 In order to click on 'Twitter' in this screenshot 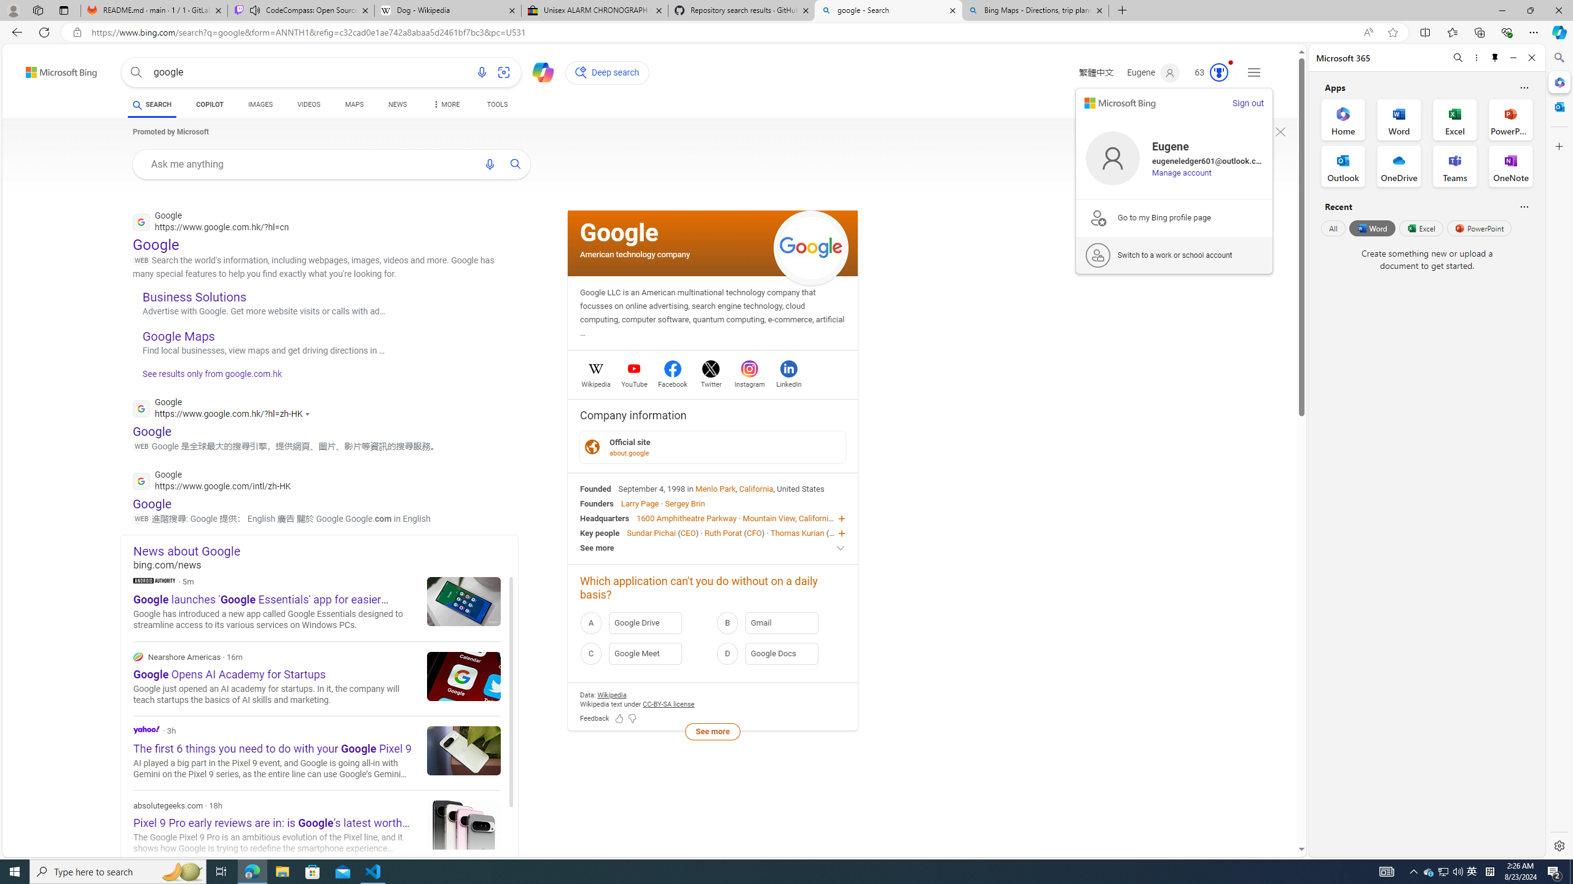, I will do `click(711, 382)`.